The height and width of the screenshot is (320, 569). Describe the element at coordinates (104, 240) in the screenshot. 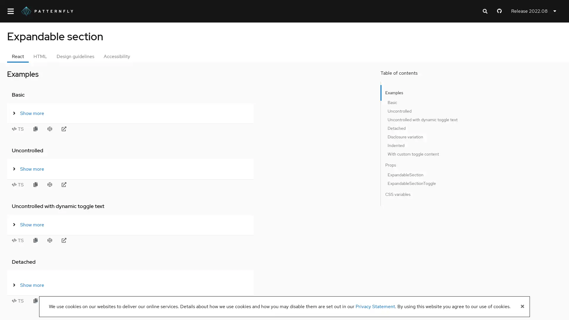

I see `Toggle TS code in Uncontrolled with dynamic toggle text example` at that location.